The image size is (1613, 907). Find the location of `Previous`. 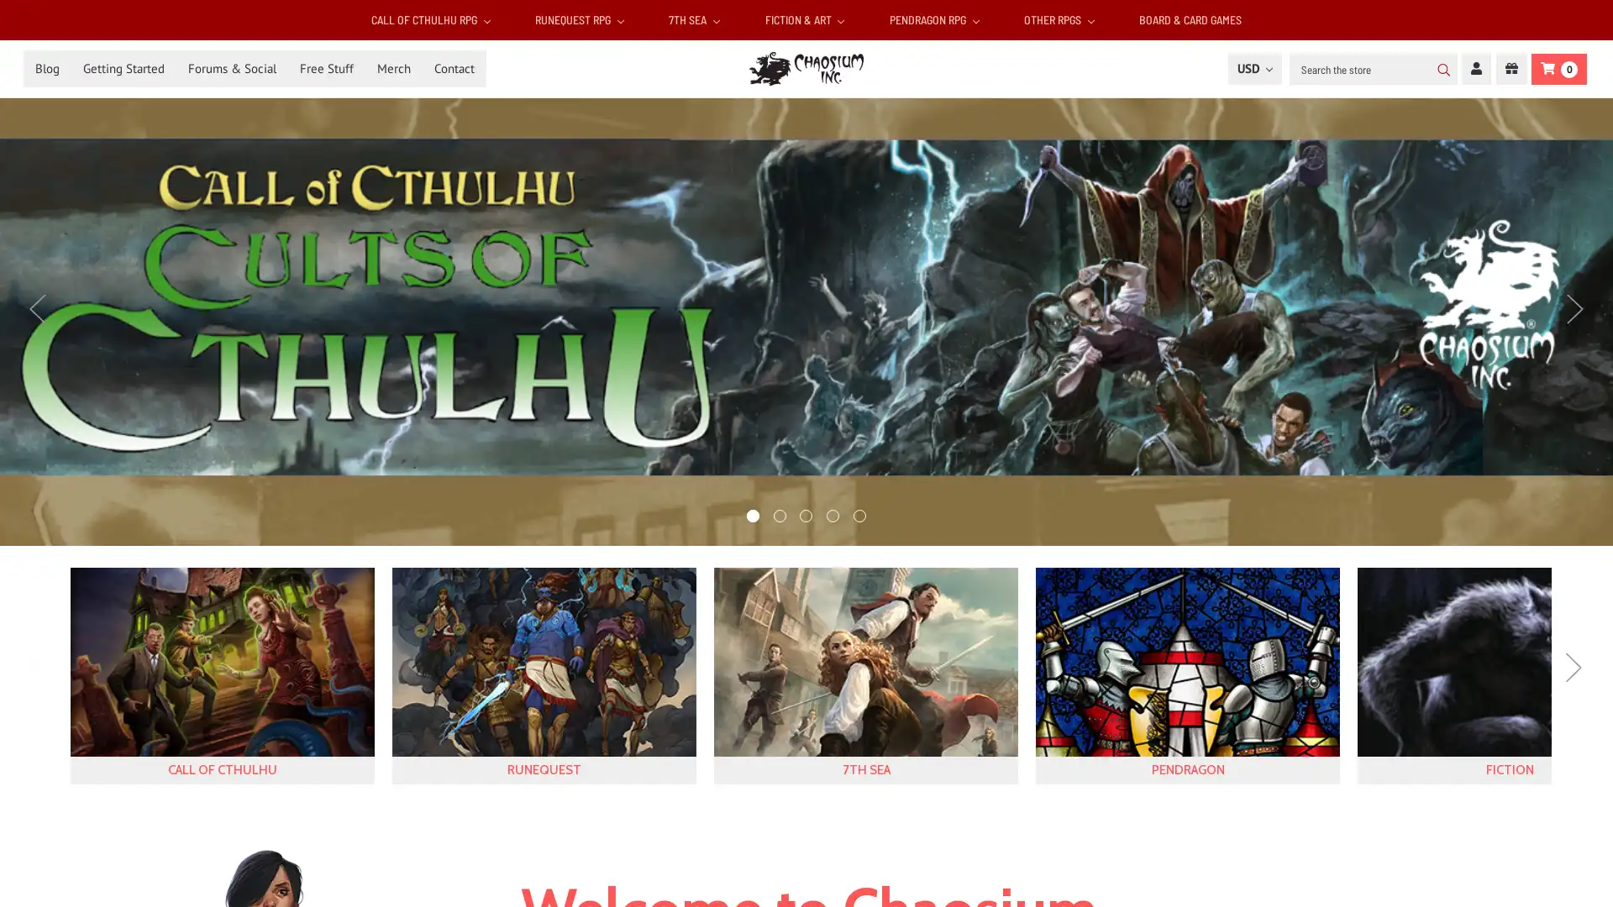

Previous is located at coordinates (37, 308).